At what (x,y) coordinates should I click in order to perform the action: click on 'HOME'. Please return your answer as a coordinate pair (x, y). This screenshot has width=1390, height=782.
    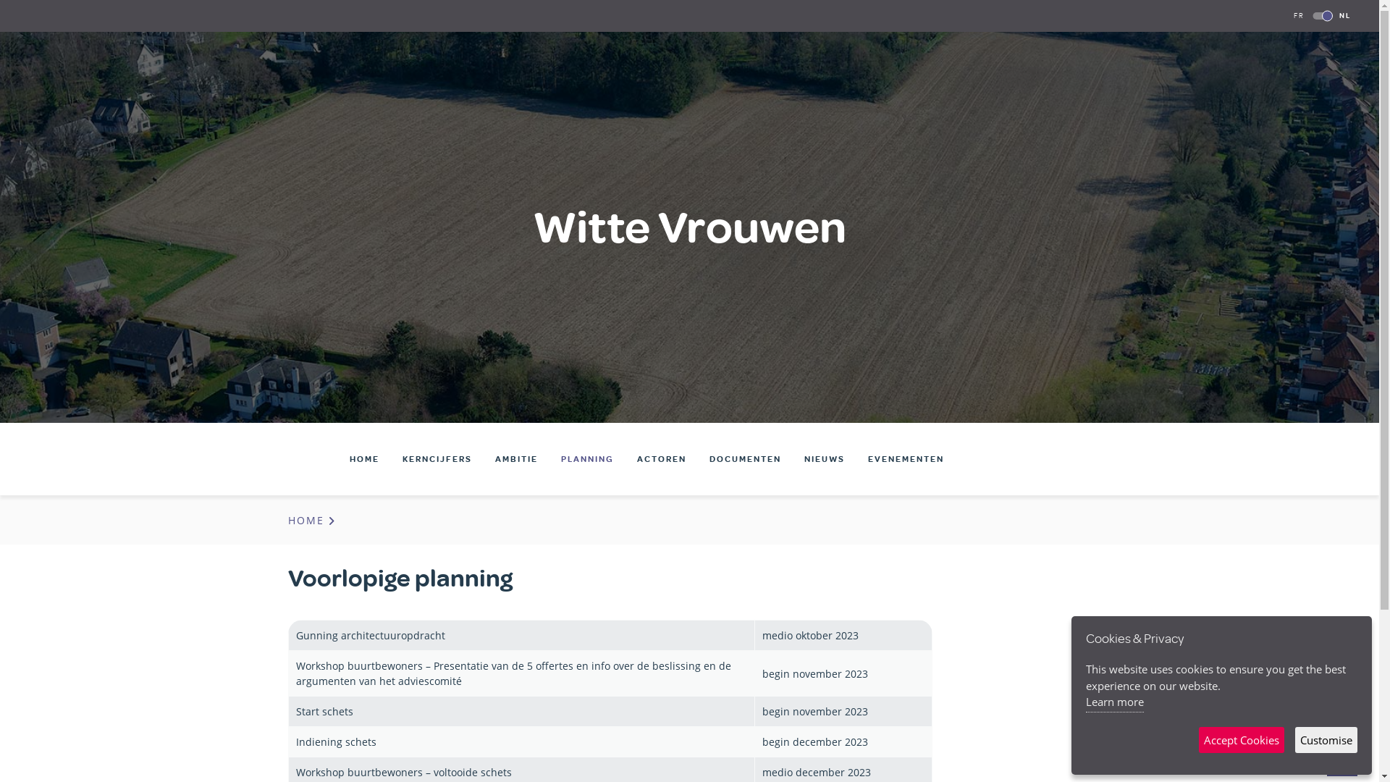
    Looking at the image, I should click on (312, 519).